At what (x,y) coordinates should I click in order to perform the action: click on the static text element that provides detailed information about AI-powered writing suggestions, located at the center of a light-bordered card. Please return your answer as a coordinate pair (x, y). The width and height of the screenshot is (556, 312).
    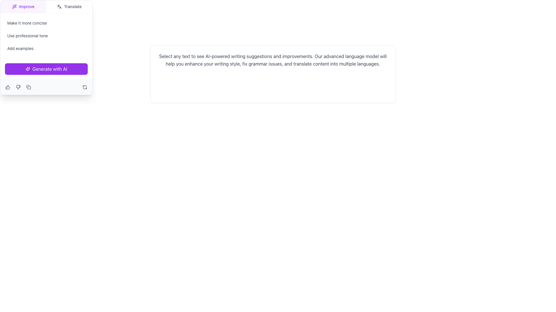
    Looking at the image, I should click on (272, 60).